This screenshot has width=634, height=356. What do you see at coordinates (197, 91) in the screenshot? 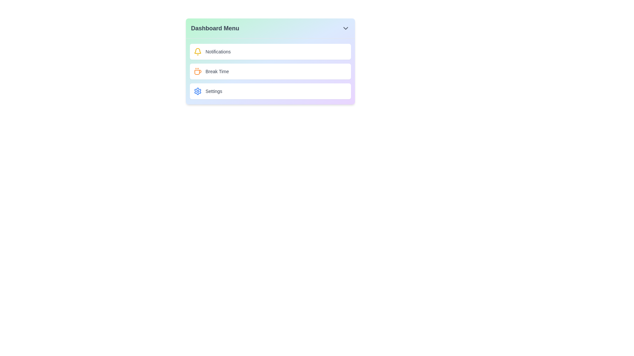
I see `the blue gear-like icon in the third menu item of the Settings section` at bounding box center [197, 91].